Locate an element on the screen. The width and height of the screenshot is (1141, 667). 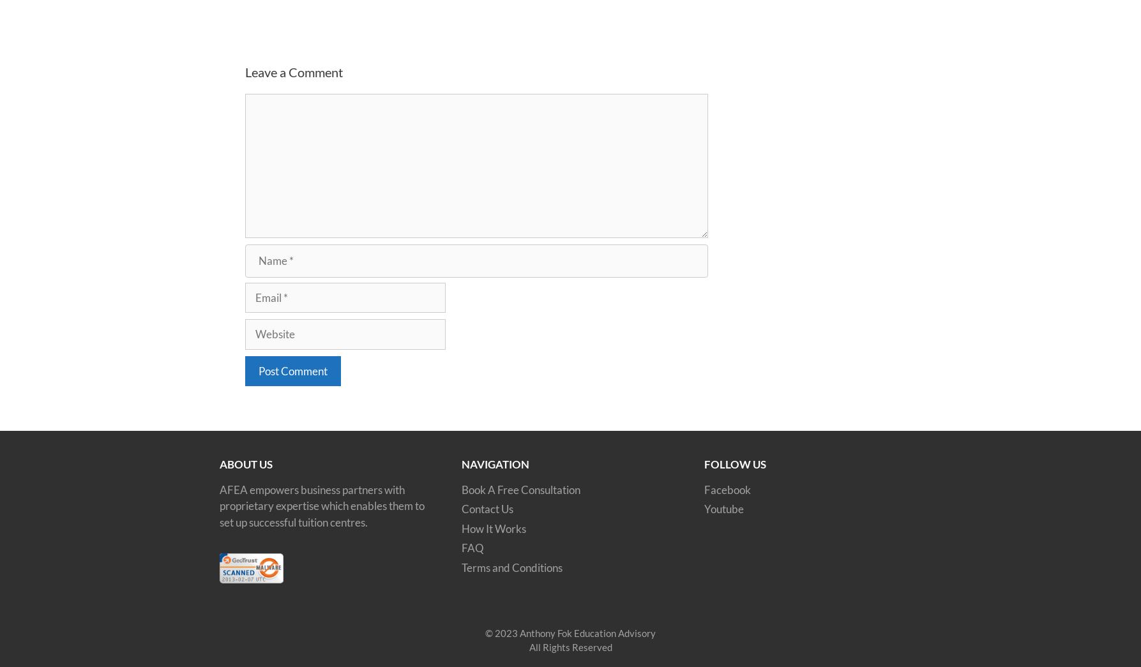
'All Rights Reserved' is located at coordinates (570, 647).